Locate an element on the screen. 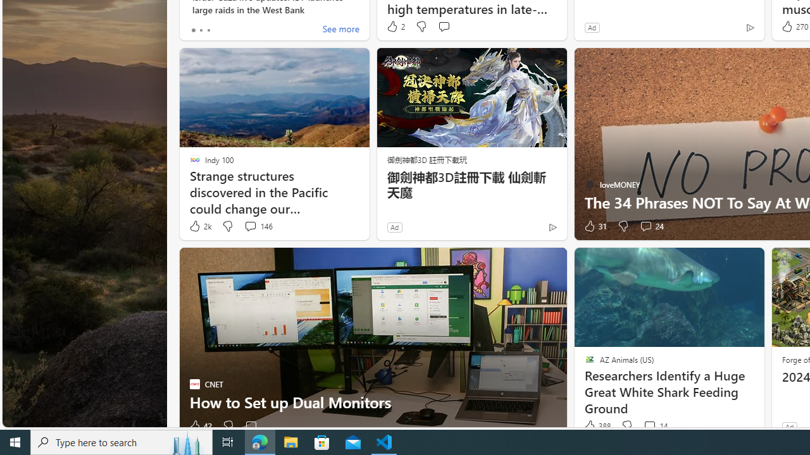 The height and width of the screenshot is (455, 810). 'See more' is located at coordinates (340, 29).